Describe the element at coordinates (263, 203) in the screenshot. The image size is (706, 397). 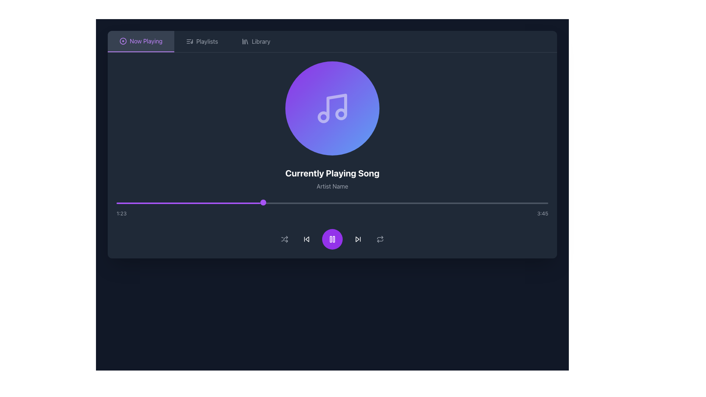
I see `the small circular purple marker located above the progress bar at the one-third mark` at that location.